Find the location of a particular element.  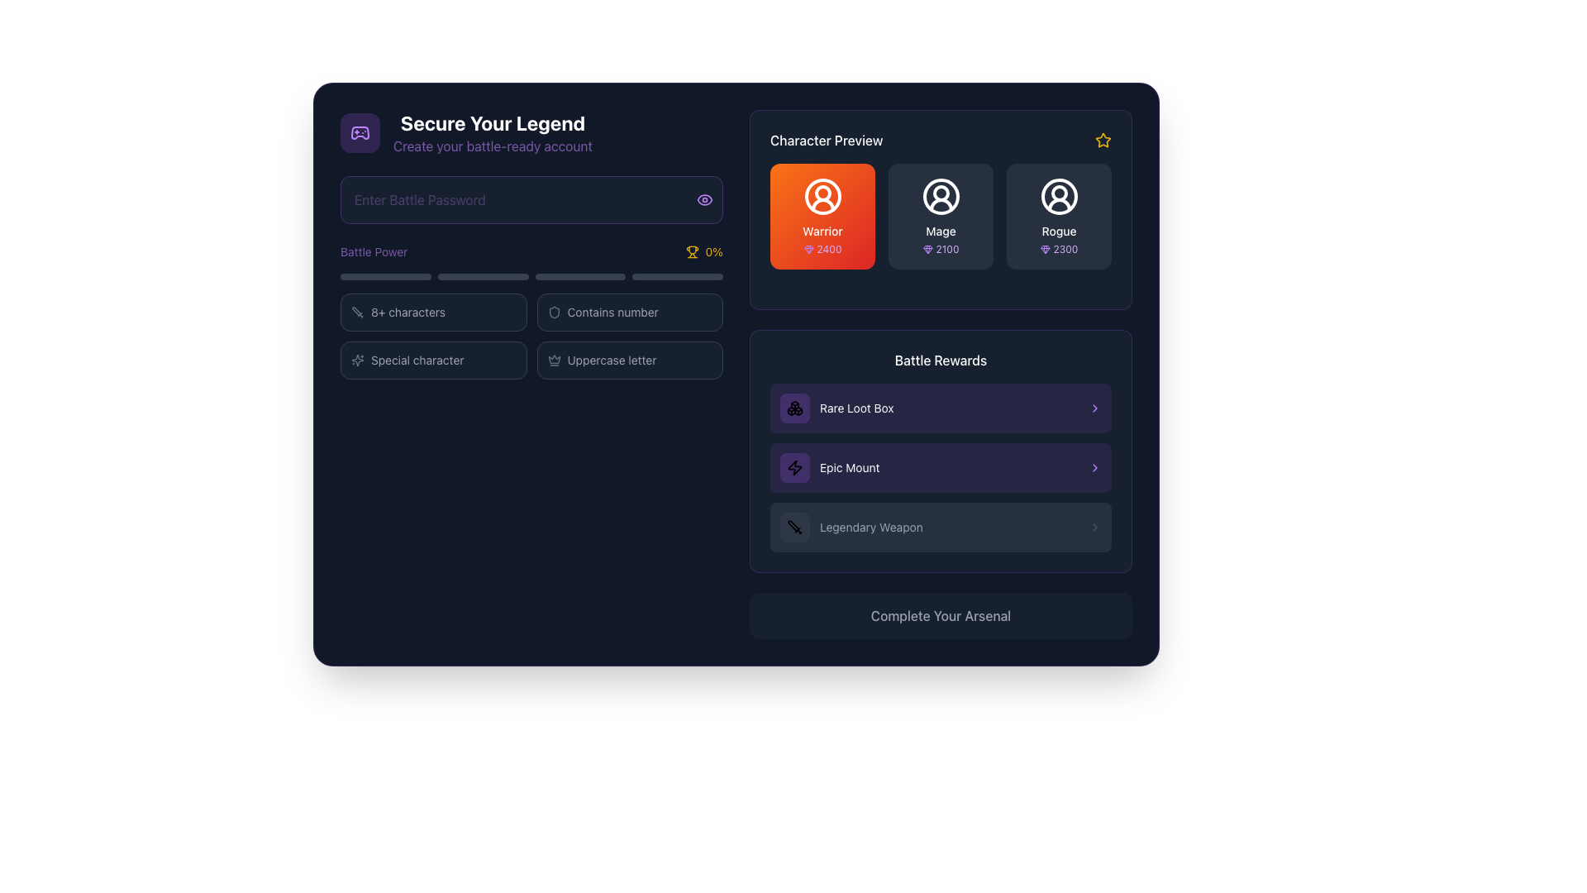

the third item in the 'Battle Rewards' list is located at coordinates (941, 527).